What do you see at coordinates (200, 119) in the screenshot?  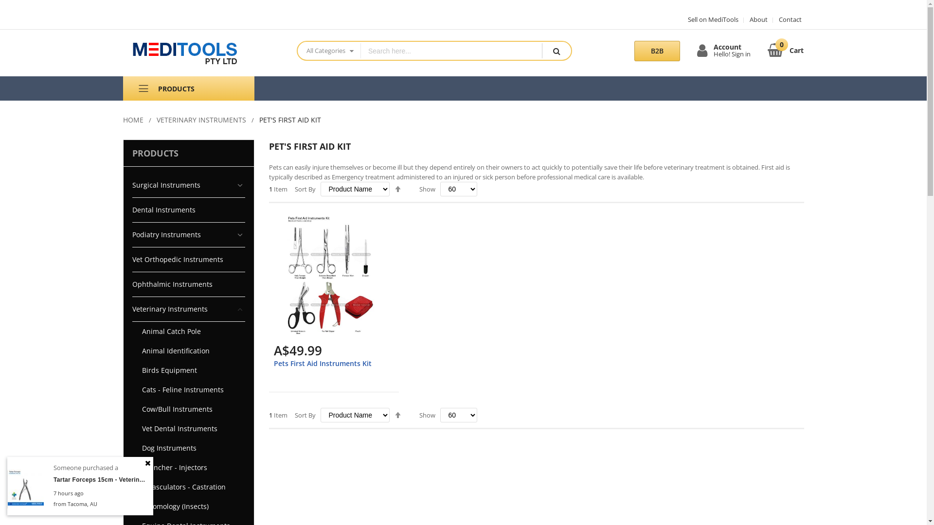 I see `'VETERINARY INSTRUMENTS'` at bounding box center [200, 119].